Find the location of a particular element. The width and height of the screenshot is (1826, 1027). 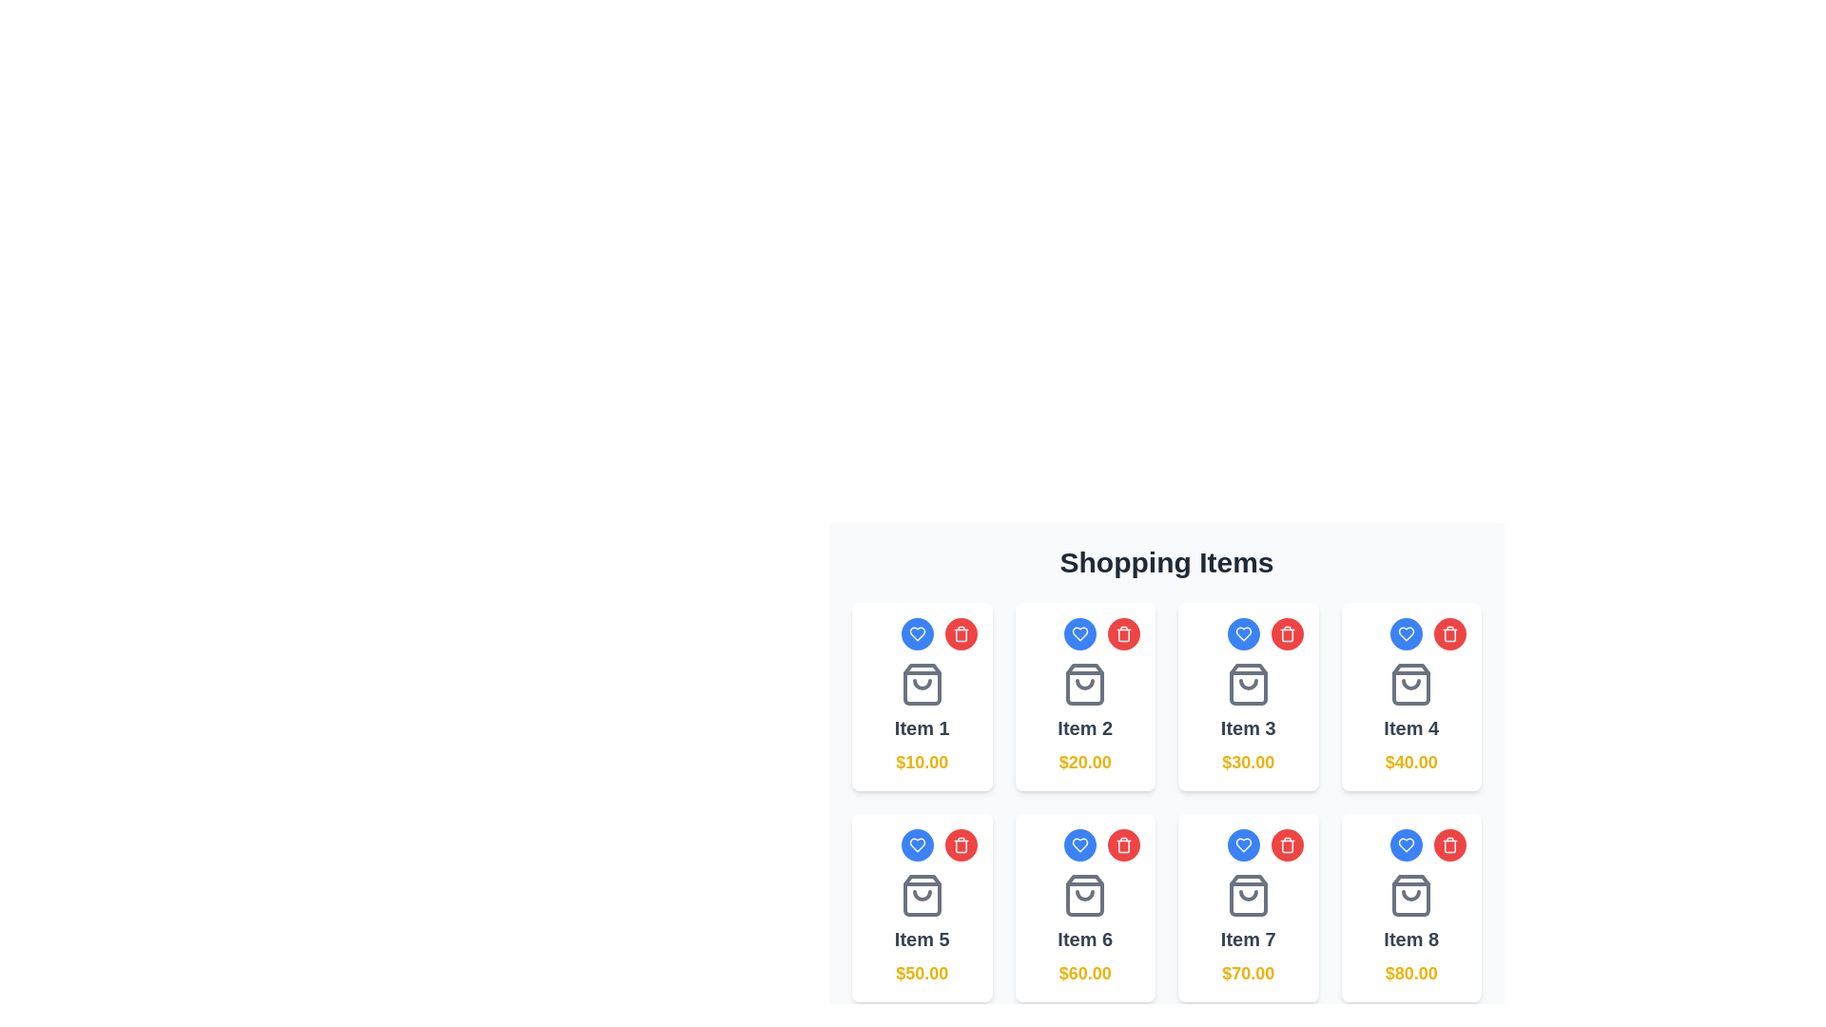

the button that marks 'Item 6' as favorite, located to the left of the red trash can icon is located at coordinates (1085, 843).